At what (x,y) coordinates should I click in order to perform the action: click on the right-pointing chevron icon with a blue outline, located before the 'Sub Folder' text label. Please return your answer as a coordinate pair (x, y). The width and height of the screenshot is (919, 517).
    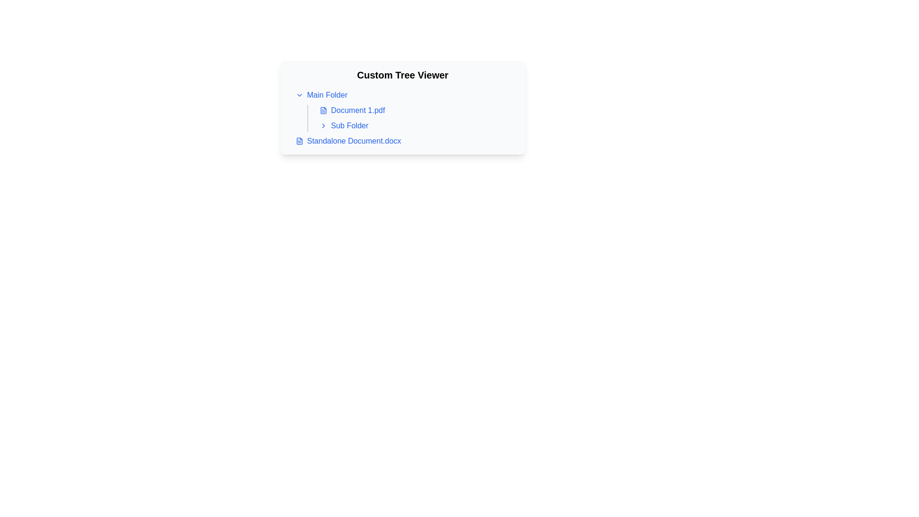
    Looking at the image, I should click on (323, 125).